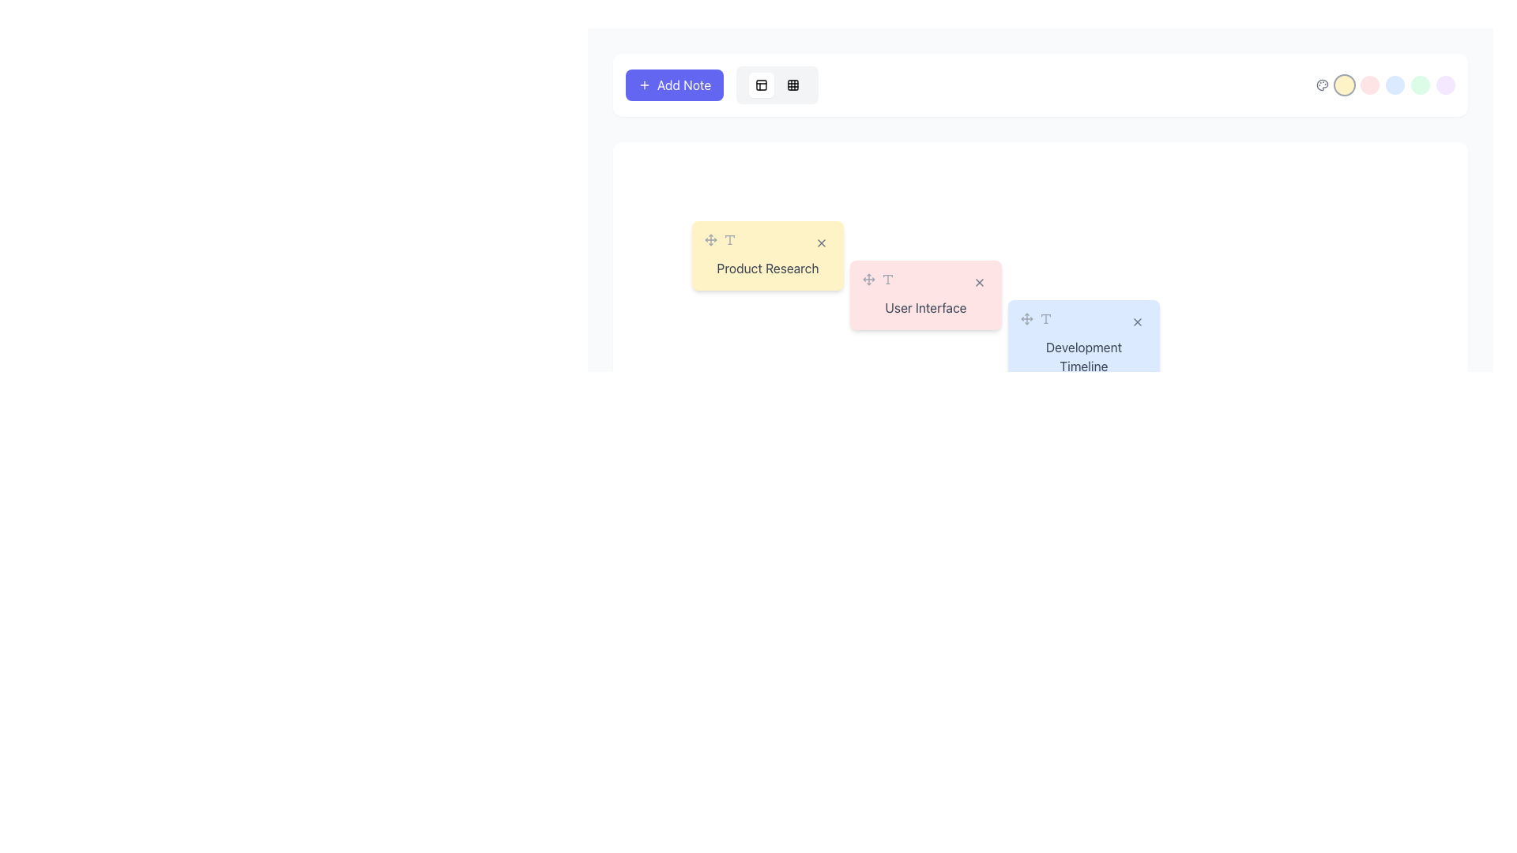 This screenshot has height=853, width=1517. Describe the element at coordinates (822, 243) in the screenshot. I see `the small cross-shaped icon button located at the top-right corner of the yellow note titled 'Product Research'` at that location.